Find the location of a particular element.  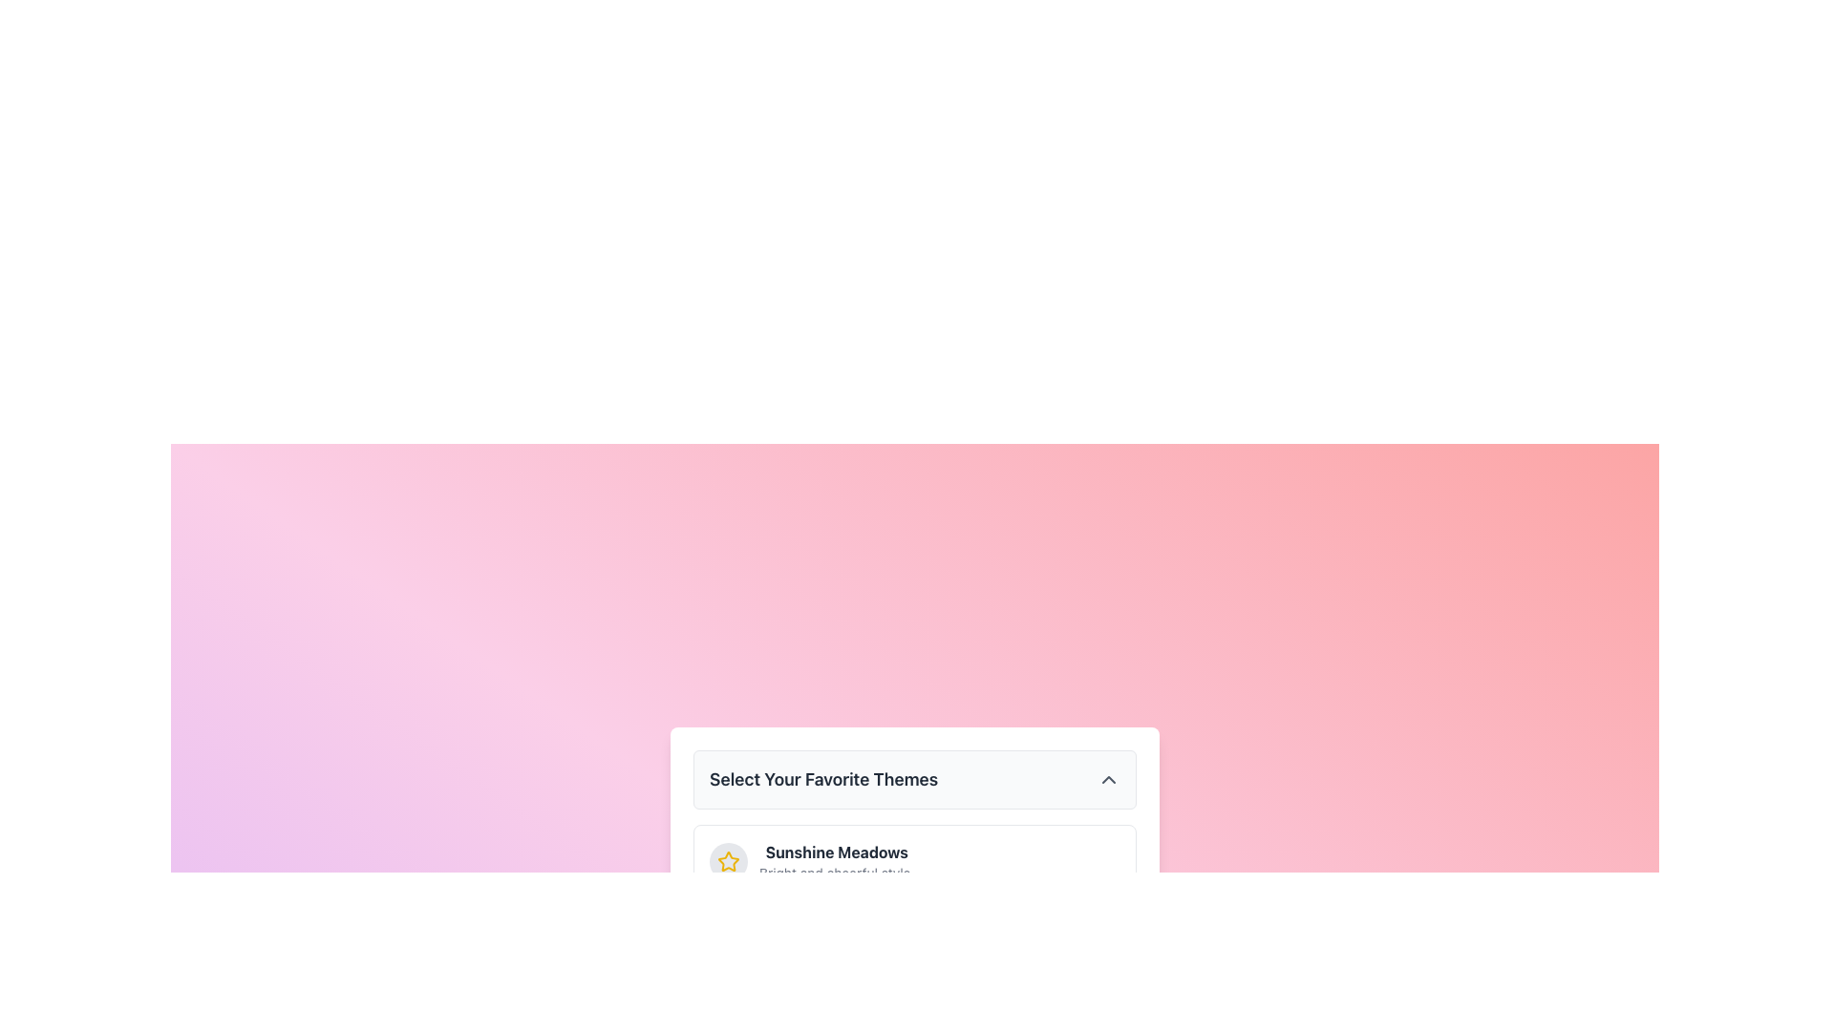

the yellow star-shaped icon with a hollow center positioned to the left of 'Sunshine Meadows' is located at coordinates (728, 861).